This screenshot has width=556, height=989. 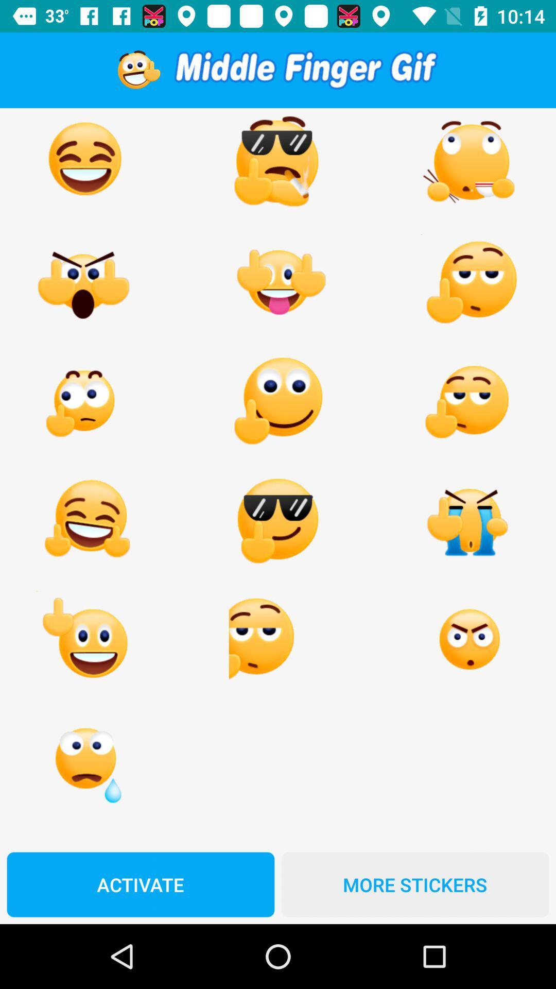 I want to click on first emoji in fourth row of the page, so click(x=84, y=521).